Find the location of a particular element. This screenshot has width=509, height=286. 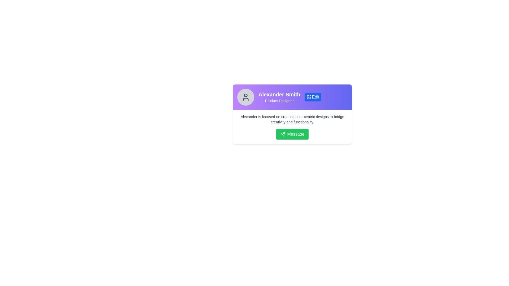

text content of the small text label displaying 'Product Designer' located below the name 'Alexander Smith' in the profile card is located at coordinates (279, 101).